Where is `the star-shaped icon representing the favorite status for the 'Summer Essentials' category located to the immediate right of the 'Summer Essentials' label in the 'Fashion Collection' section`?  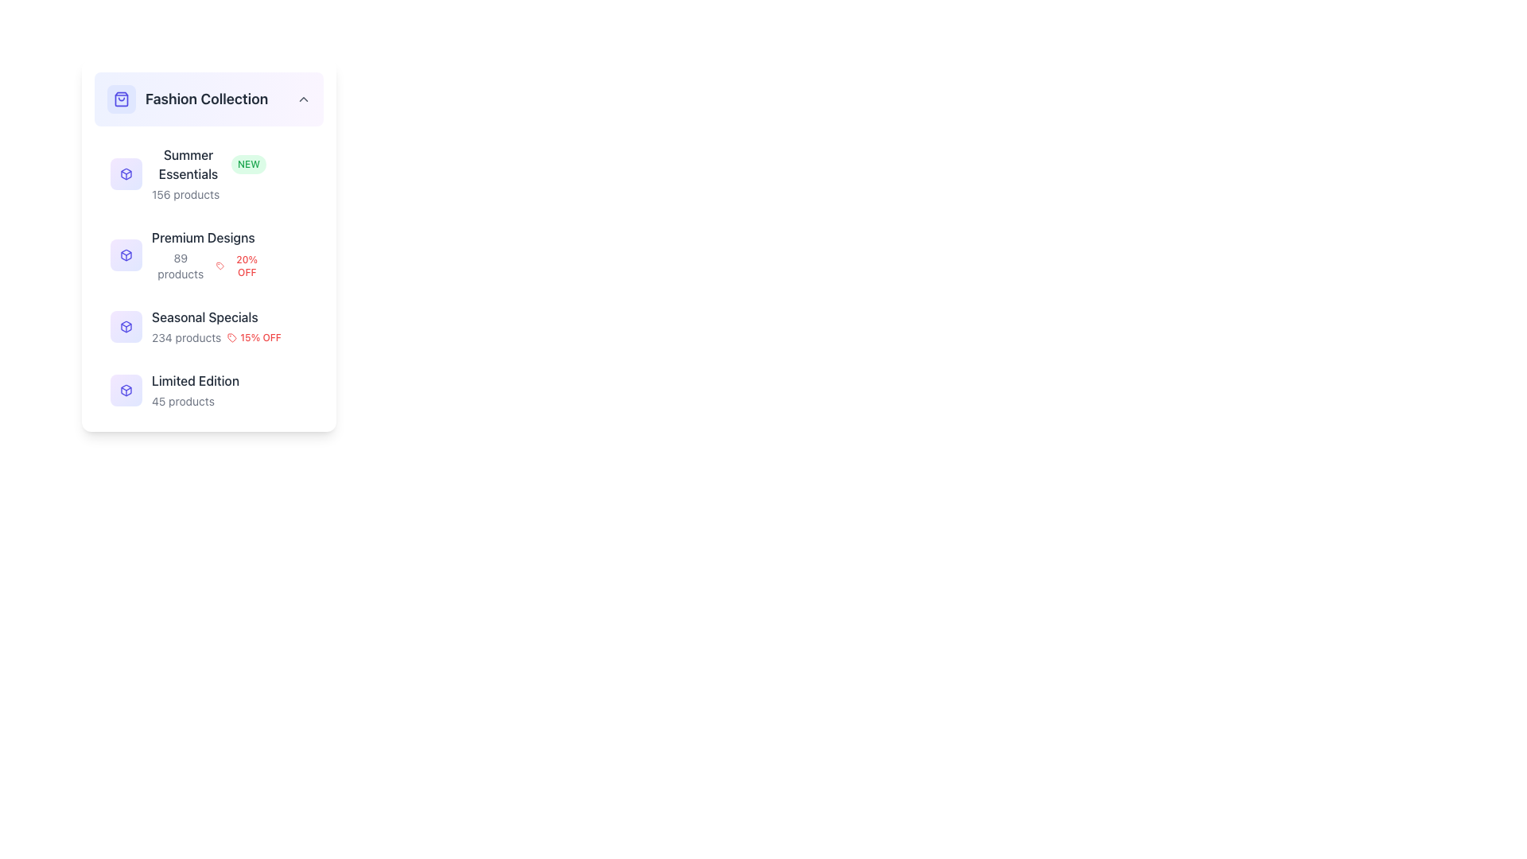 the star-shaped icon representing the favorite status for the 'Summer Essentials' category located to the immediate right of the 'Summer Essentials' label in the 'Fashion Collection' section is located at coordinates (304, 173).